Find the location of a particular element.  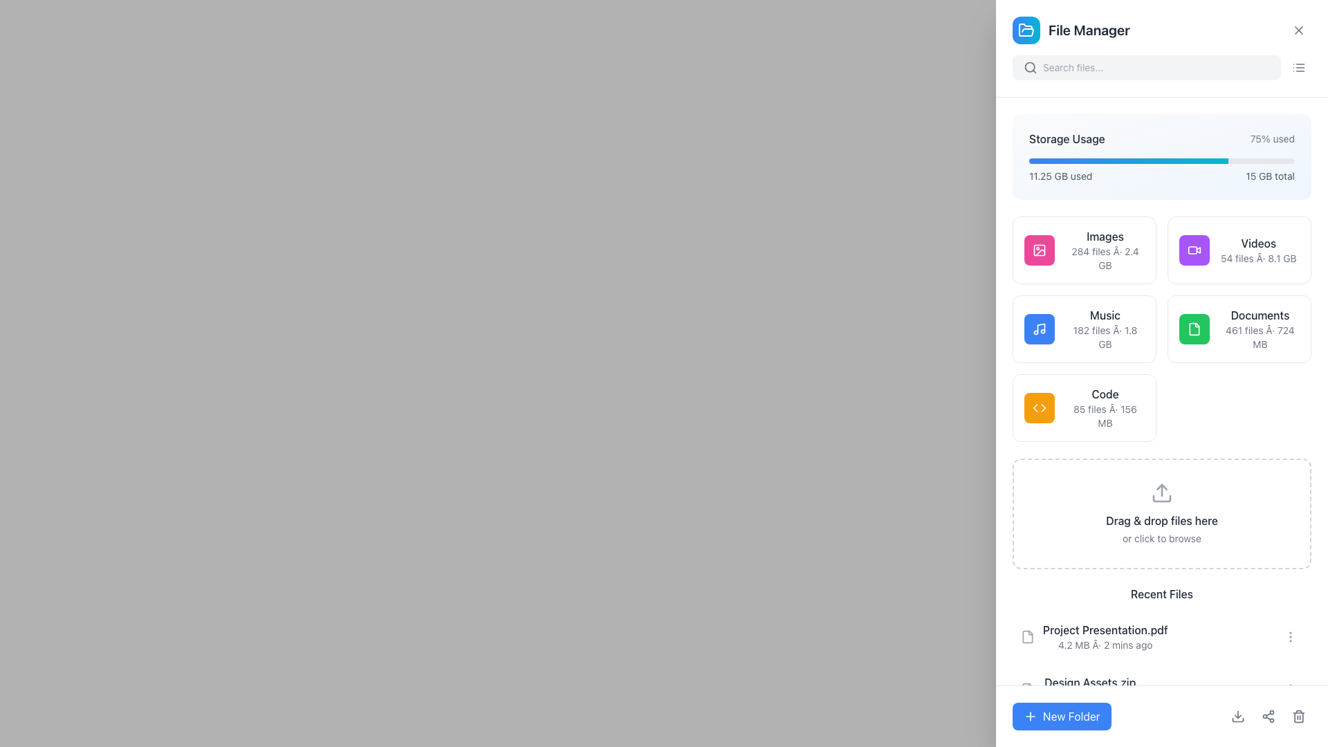

the top file list item is located at coordinates (1105, 637).